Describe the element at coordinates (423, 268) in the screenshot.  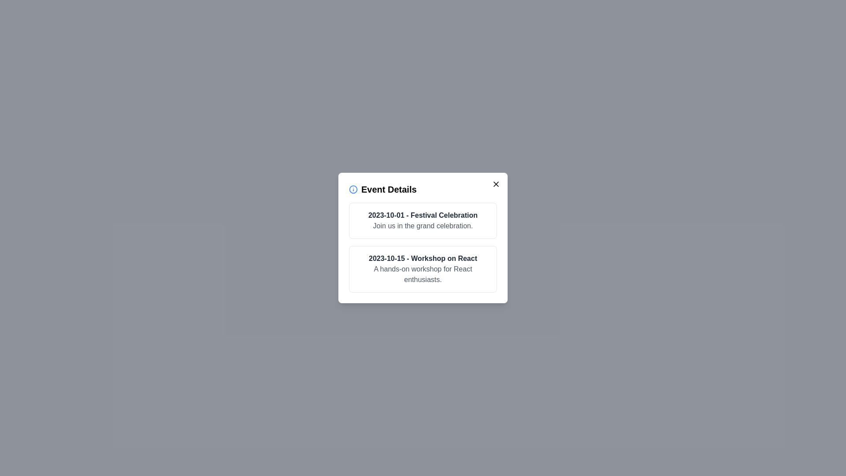
I see `the second event to inspect its details` at that location.